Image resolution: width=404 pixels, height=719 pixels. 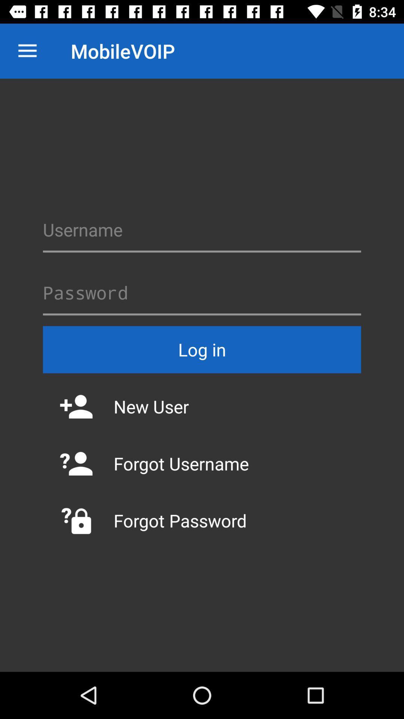 I want to click on forgot password item, so click(x=202, y=520).